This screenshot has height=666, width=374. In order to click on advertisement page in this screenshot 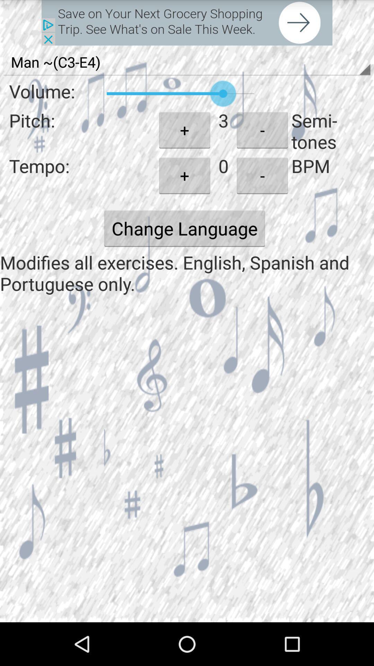, I will do `click(187, 23)`.